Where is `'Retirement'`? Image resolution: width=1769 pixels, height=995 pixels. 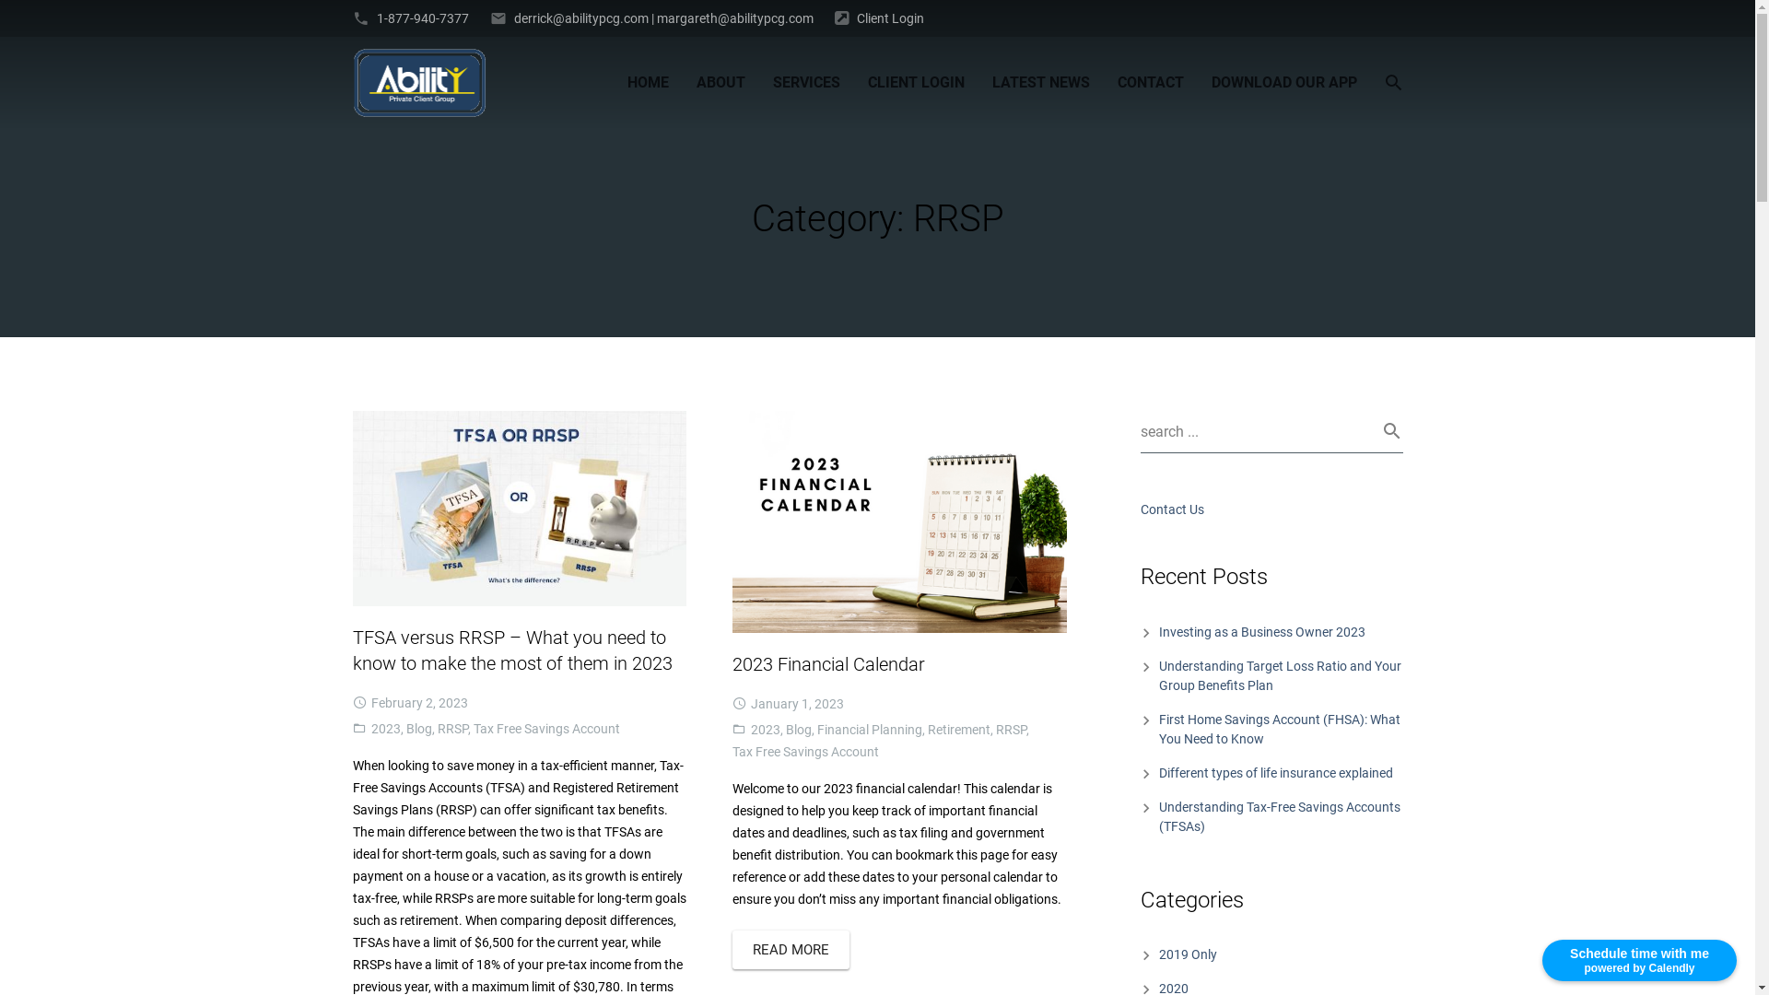
'Retirement' is located at coordinates (958, 728).